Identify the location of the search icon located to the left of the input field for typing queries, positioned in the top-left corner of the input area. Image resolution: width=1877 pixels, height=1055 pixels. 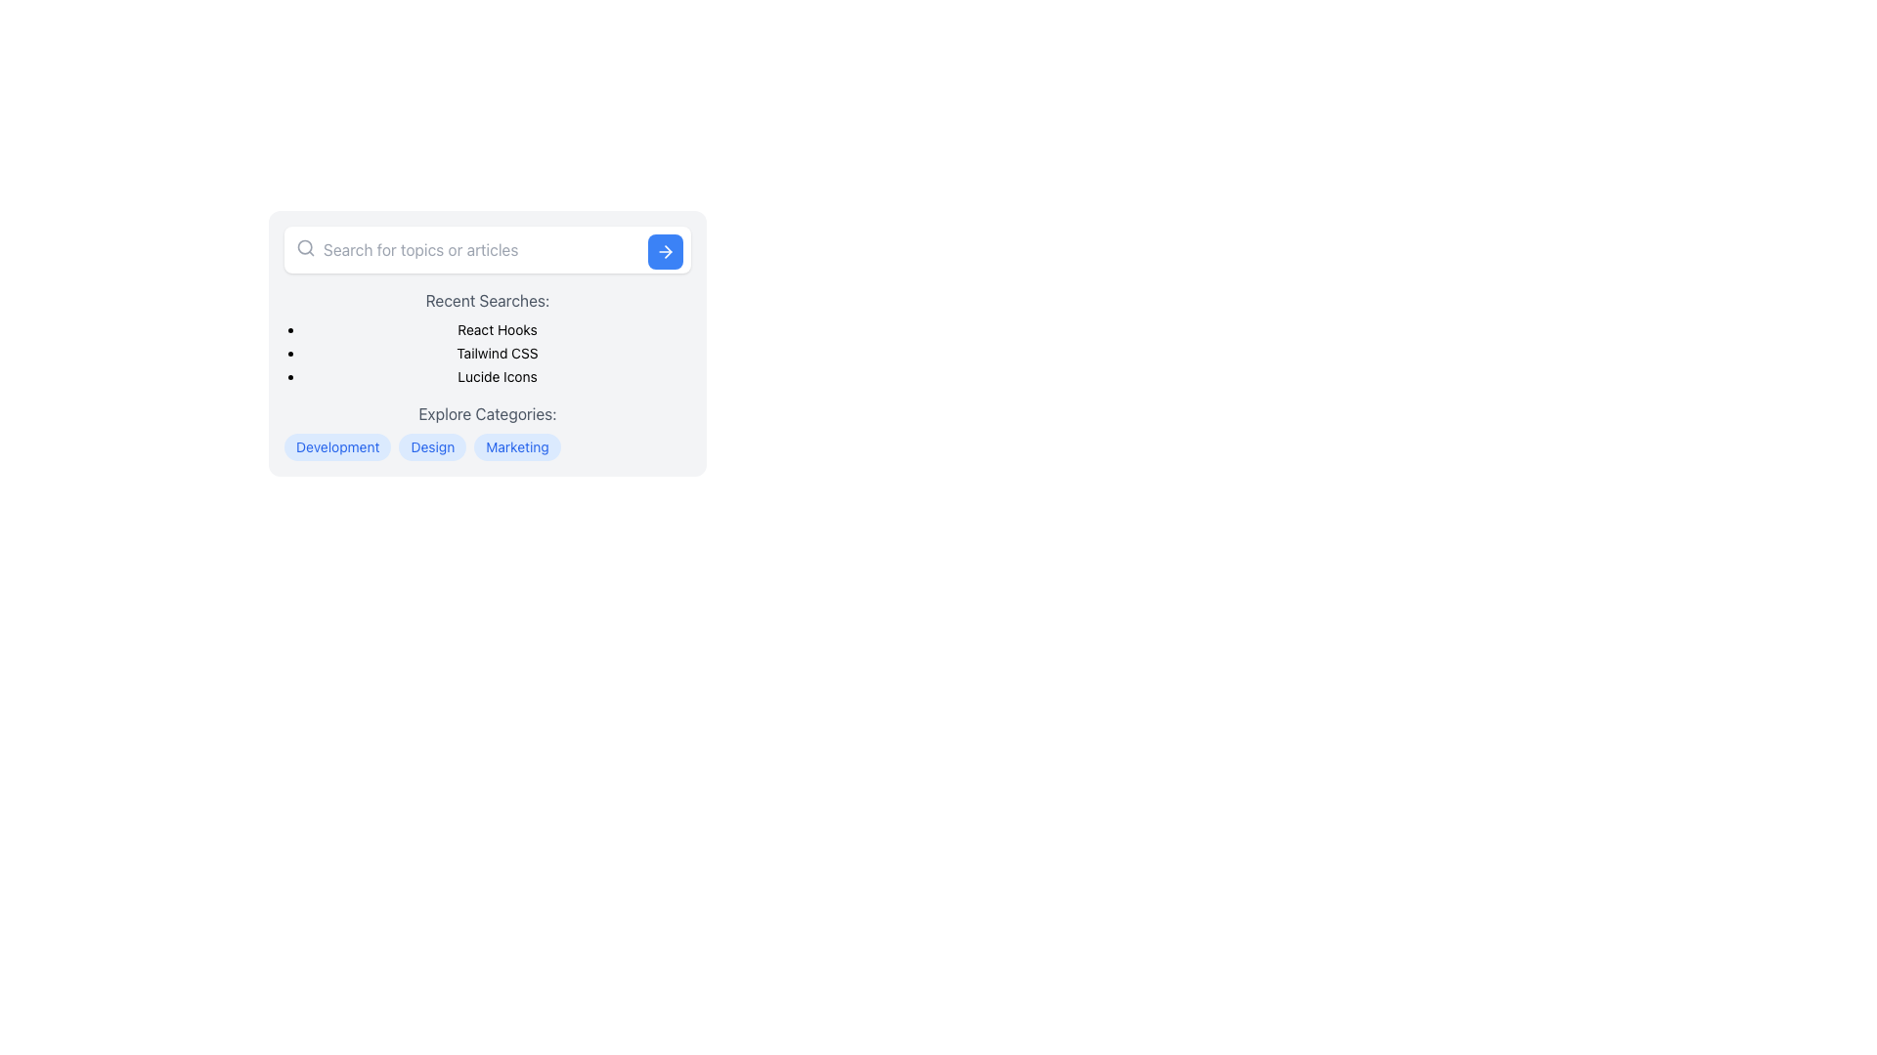
(304, 247).